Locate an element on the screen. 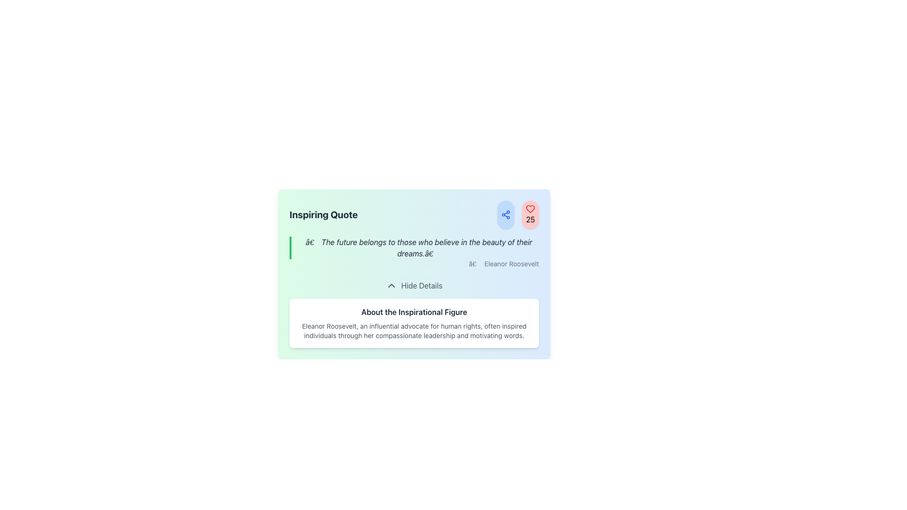 Image resolution: width=907 pixels, height=510 pixels. the circular button with a pale red background containing a heart icon and the number '25' to like the quote is located at coordinates (518, 215).